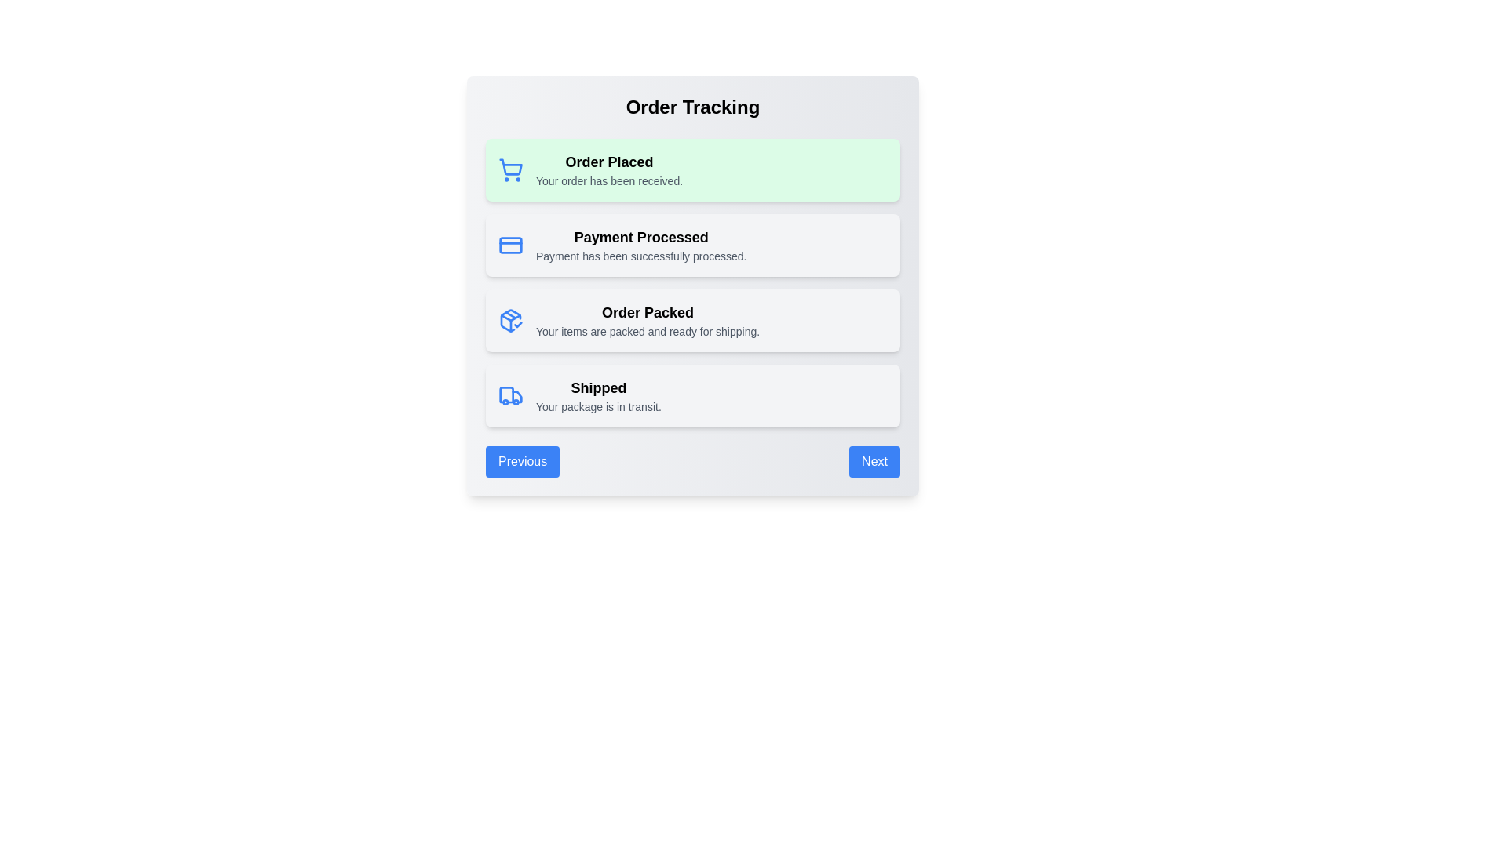 This screenshot has width=1507, height=847. What do you see at coordinates (648, 319) in the screenshot?
I see `the Informational Text Block that displays the status 'Order Packed', located in the 'Order Tracking' section, which is the third element in a vertical list` at bounding box center [648, 319].